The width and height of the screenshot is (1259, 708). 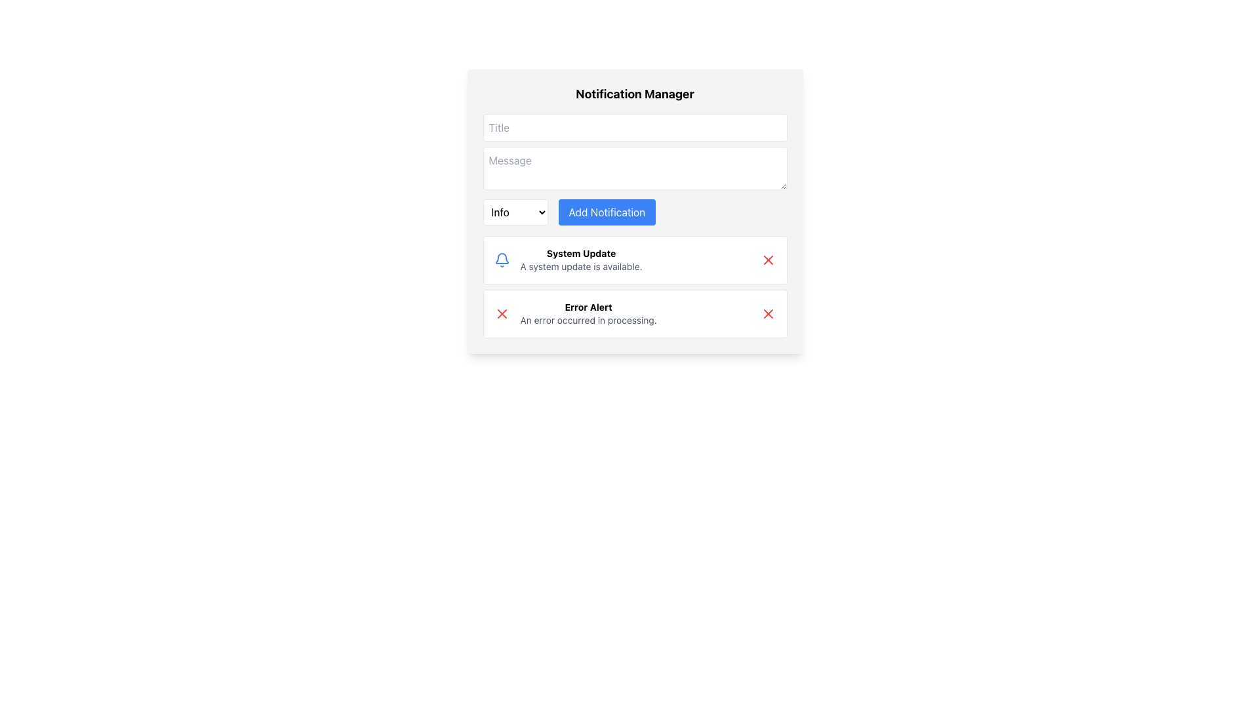 I want to click on the blue 'Add Notification' button with white text, so click(x=635, y=212).